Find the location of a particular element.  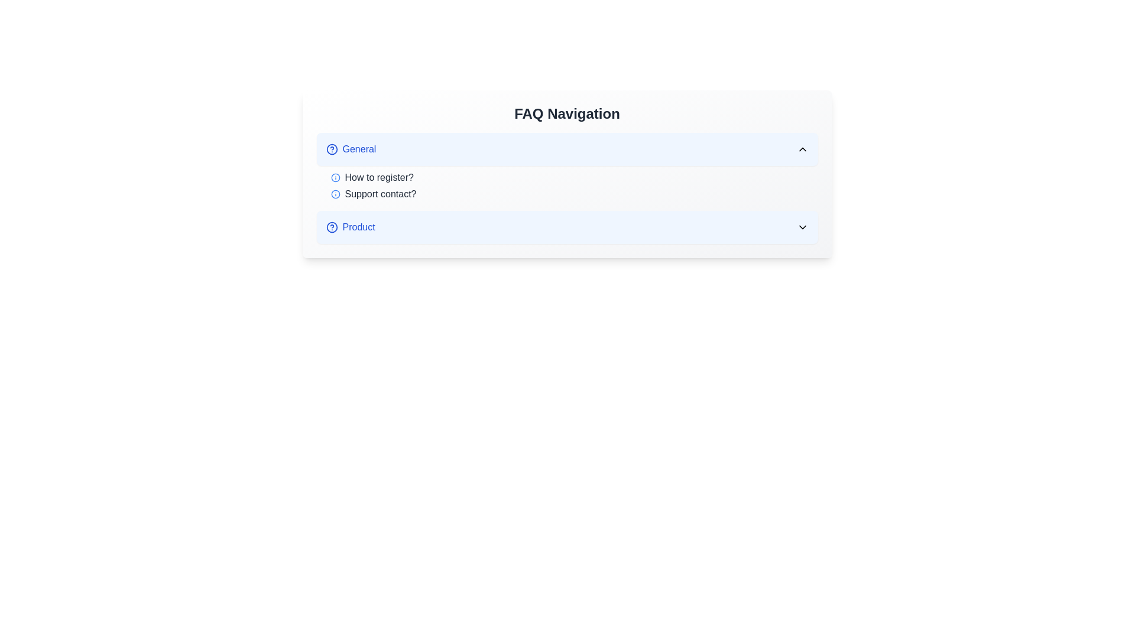

the SVG Circle element that is white with a blue stroke, located in the FAQ section next to the 'General' text is located at coordinates (331, 149).